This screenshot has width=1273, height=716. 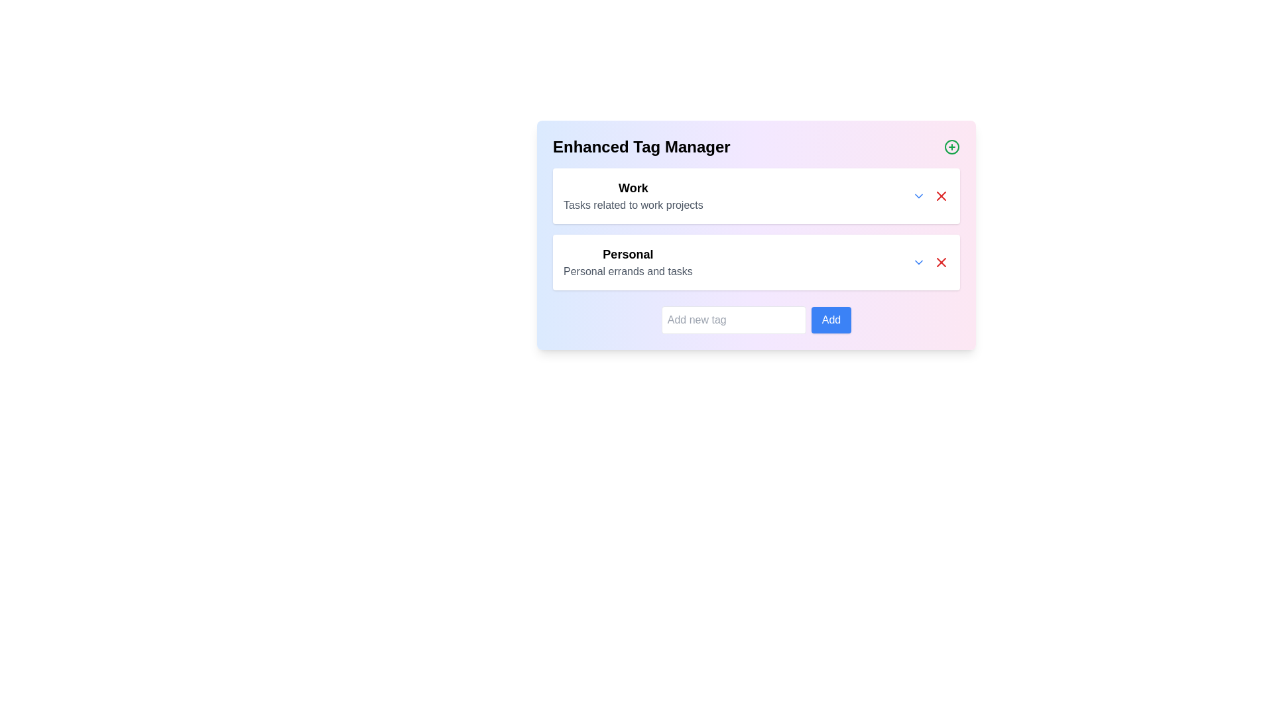 I want to click on the bold-text label reading 'Personal', which is centrally positioned above the subtitle 'Personal errands and tasks', so click(x=627, y=255).